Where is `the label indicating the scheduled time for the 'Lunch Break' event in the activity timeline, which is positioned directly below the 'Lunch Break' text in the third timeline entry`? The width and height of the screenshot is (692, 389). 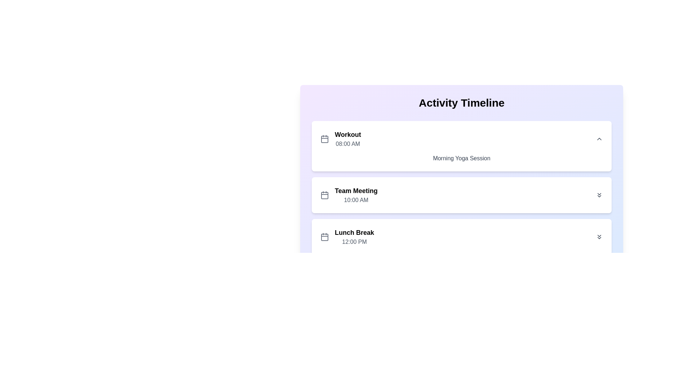
the label indicating the scheduled time for the 'Lunch Break' event in the activity timeline, which is positioned directly below the 'Lunch Break' text in the third timeline entry is located at coordinates (354, 242).